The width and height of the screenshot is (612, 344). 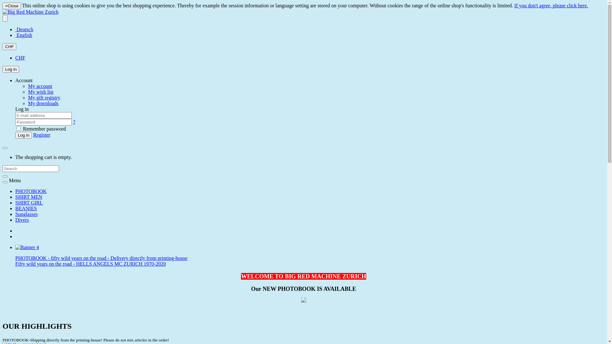 I want to click on 'Deutsch', so click(x=24, y=29).